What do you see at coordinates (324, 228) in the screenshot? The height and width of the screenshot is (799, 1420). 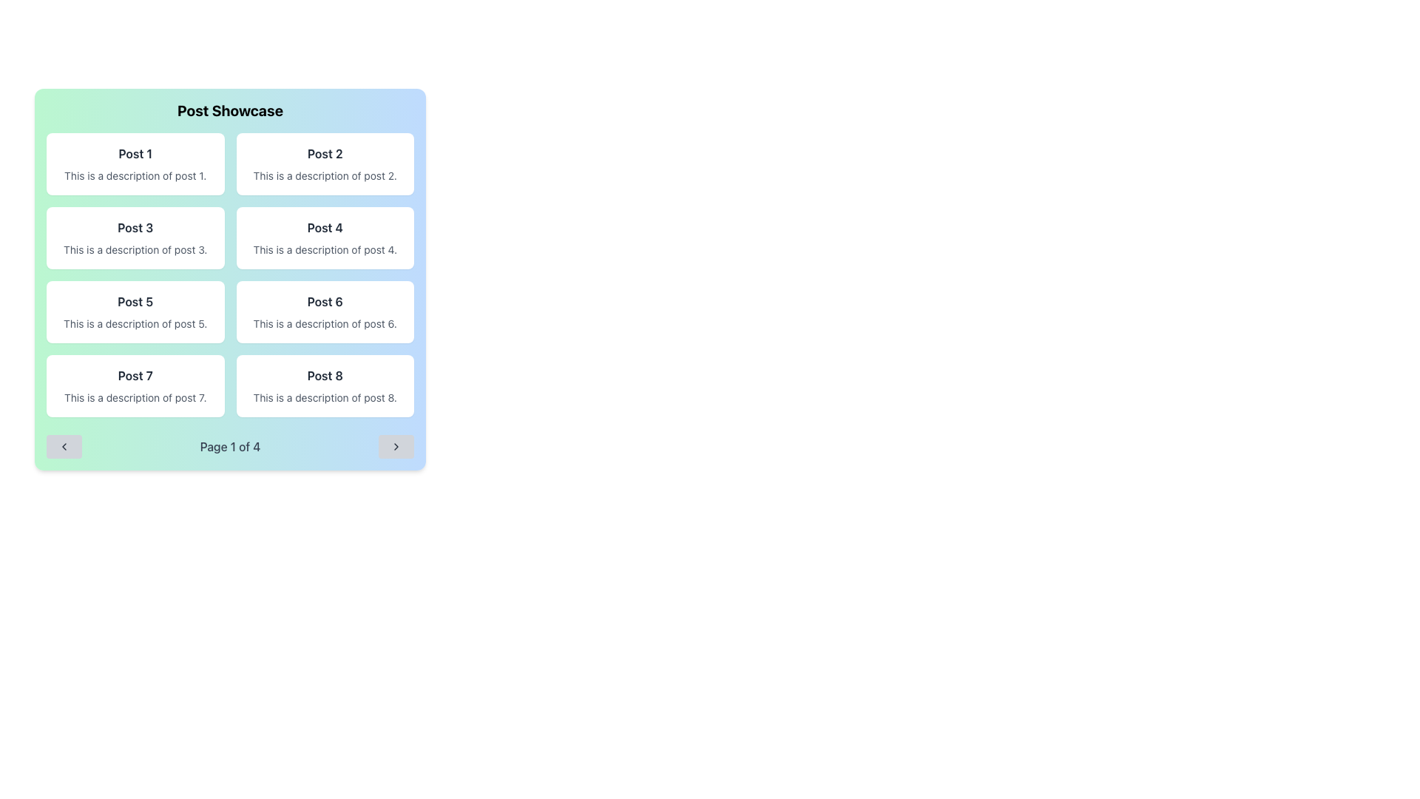 I see `the title text label of the post, which is a static informational component positioned at the center of the layout within the fourth tile of a grid of posts` at bounding box center [324, 228].